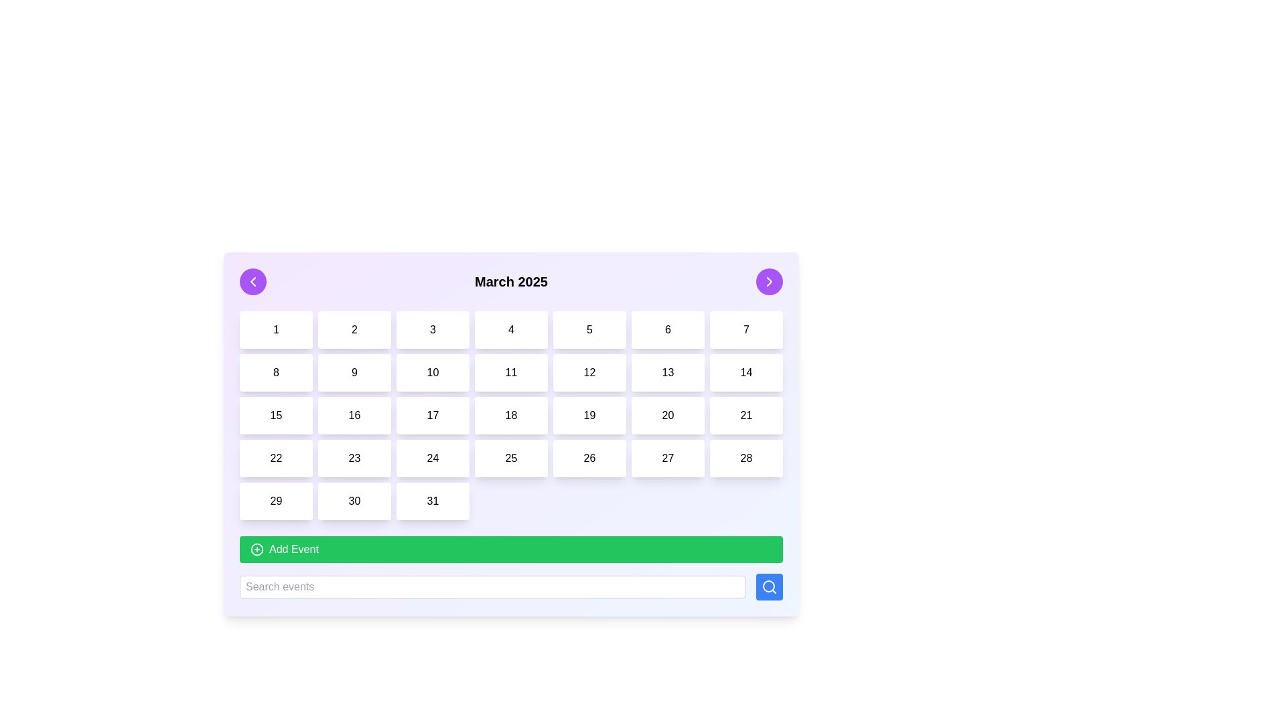 Image resolution: width=1286 pixels, height=723 pixels. I want to click on the button-like grid item containing the number '15', which is a rounded rectangular box with a white background and black text, so click(275, 415).